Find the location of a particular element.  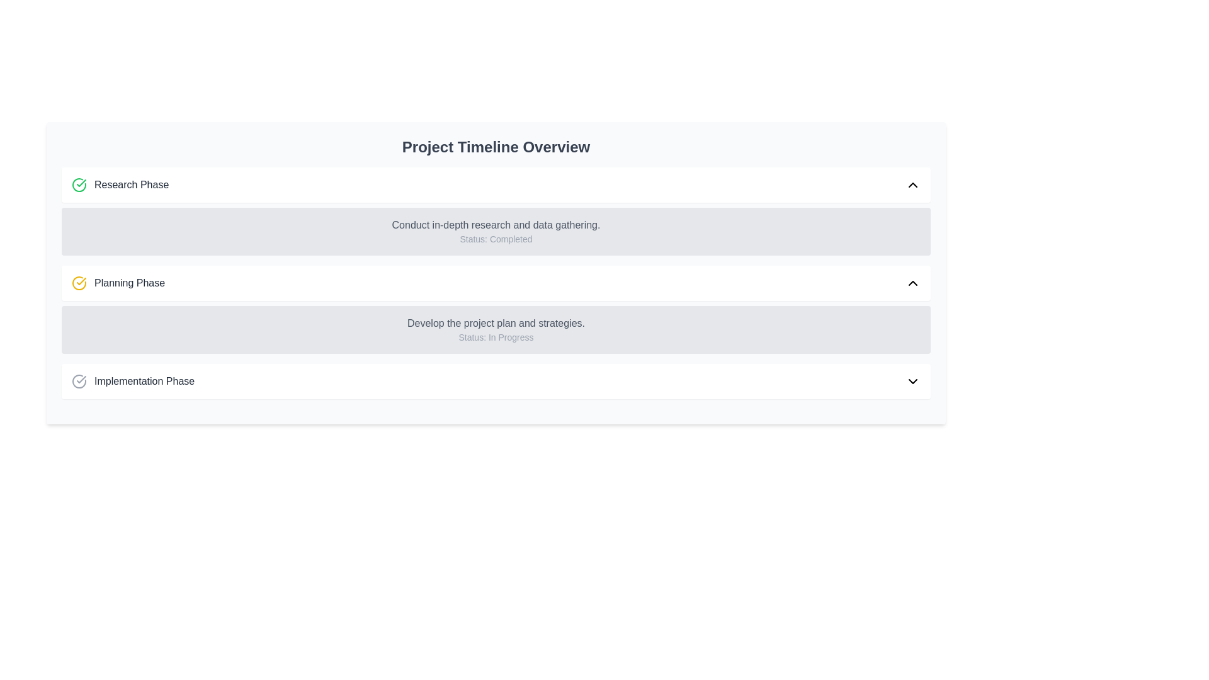

the 'In Progress' Text label located in the 'Planning Phase' section, beneath the heading 'Develop the project plan and strategies.' is located at coordinates (495, 337).